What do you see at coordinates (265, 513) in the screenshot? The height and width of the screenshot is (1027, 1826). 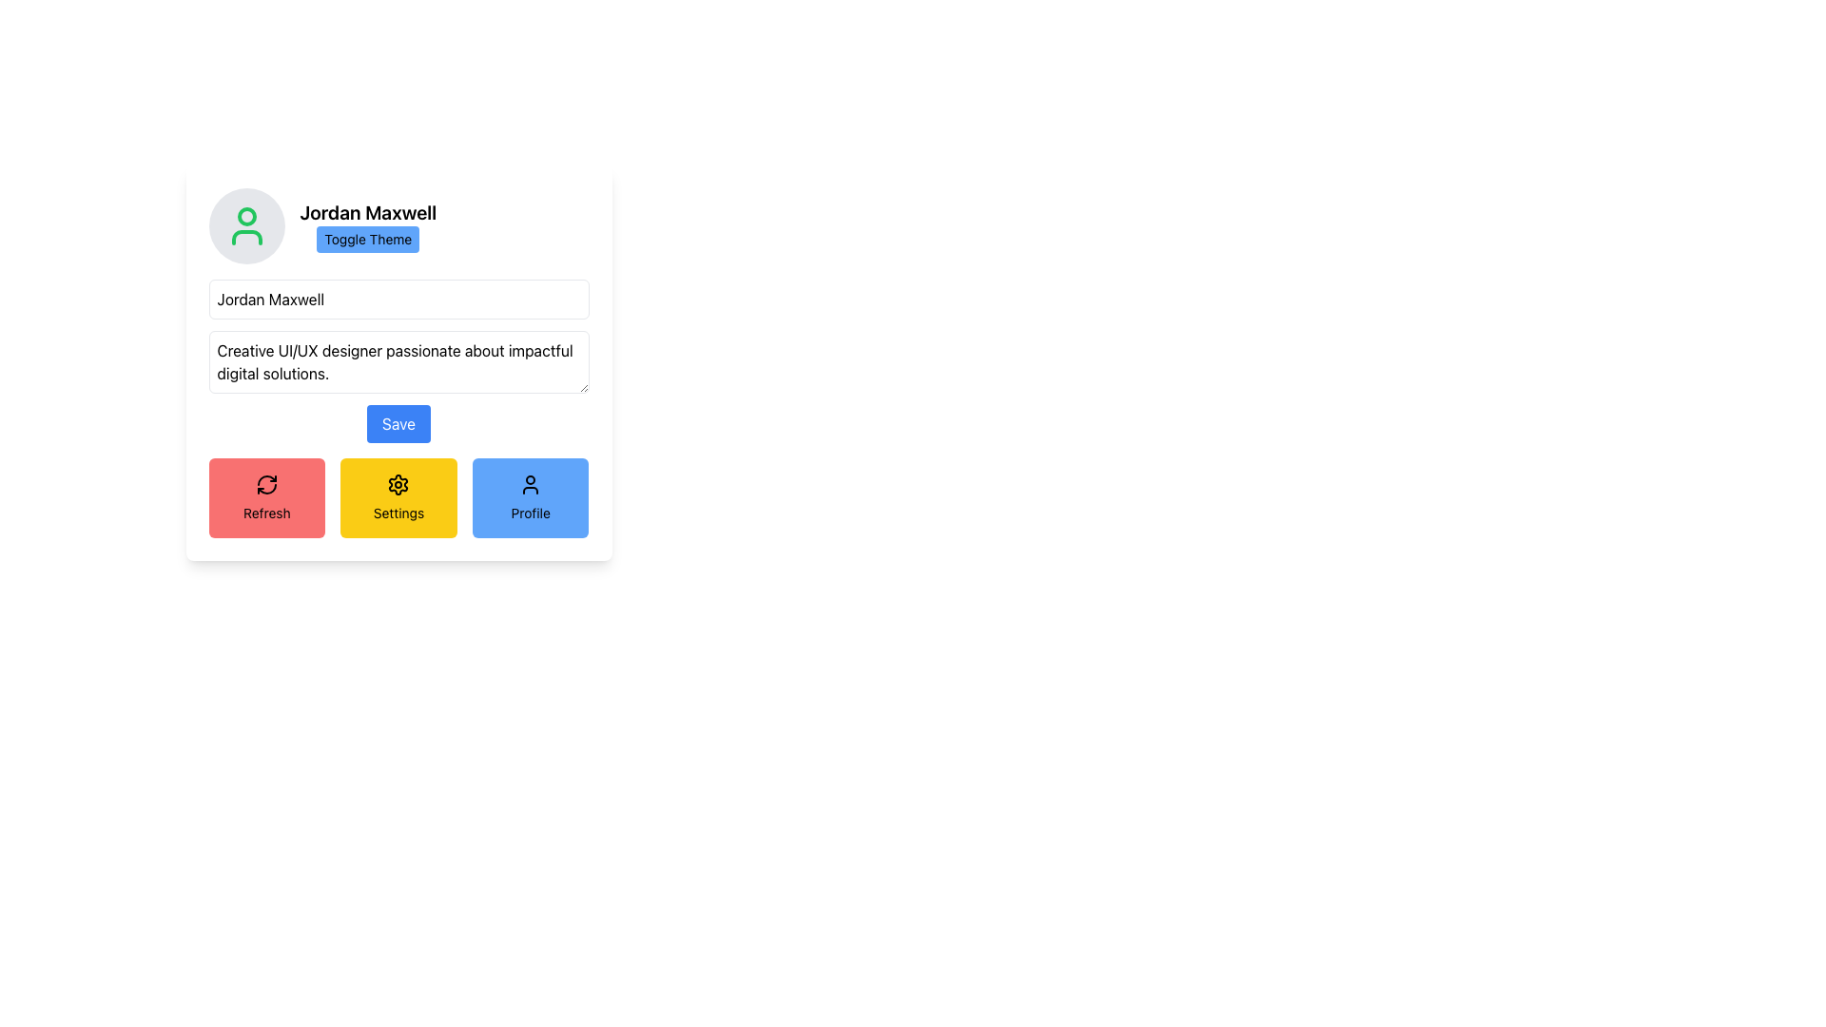 I see `text label 'Refresh' which is displayed in a small lightweight font on a red background beneath a circular icon` at bounding box center [265, 513].